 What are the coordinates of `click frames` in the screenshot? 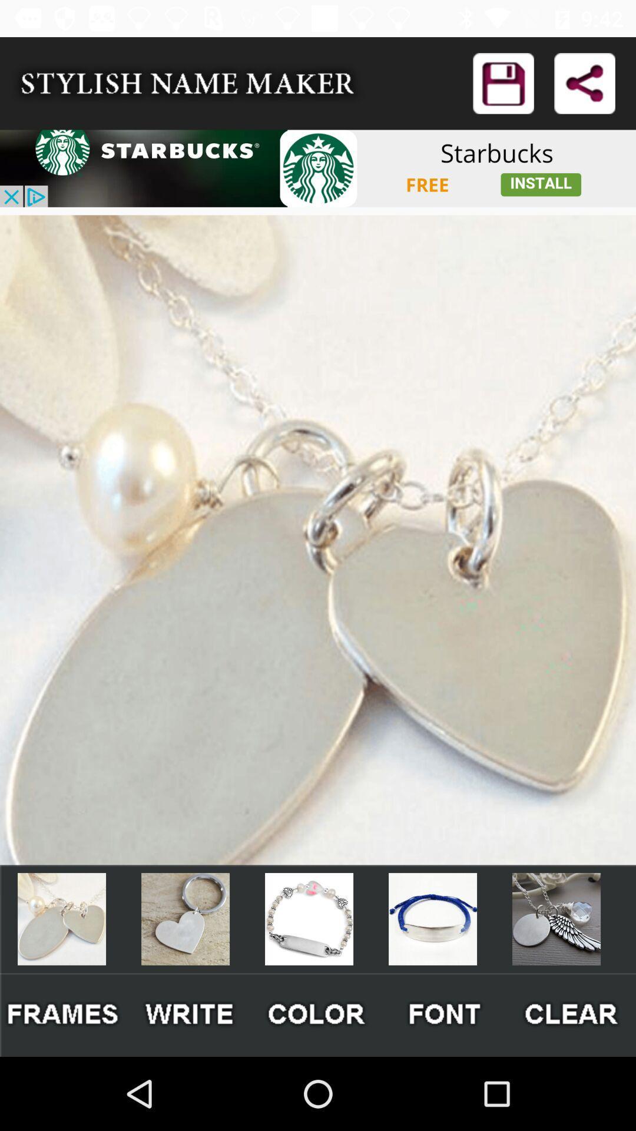 It's located at (63, 1014).